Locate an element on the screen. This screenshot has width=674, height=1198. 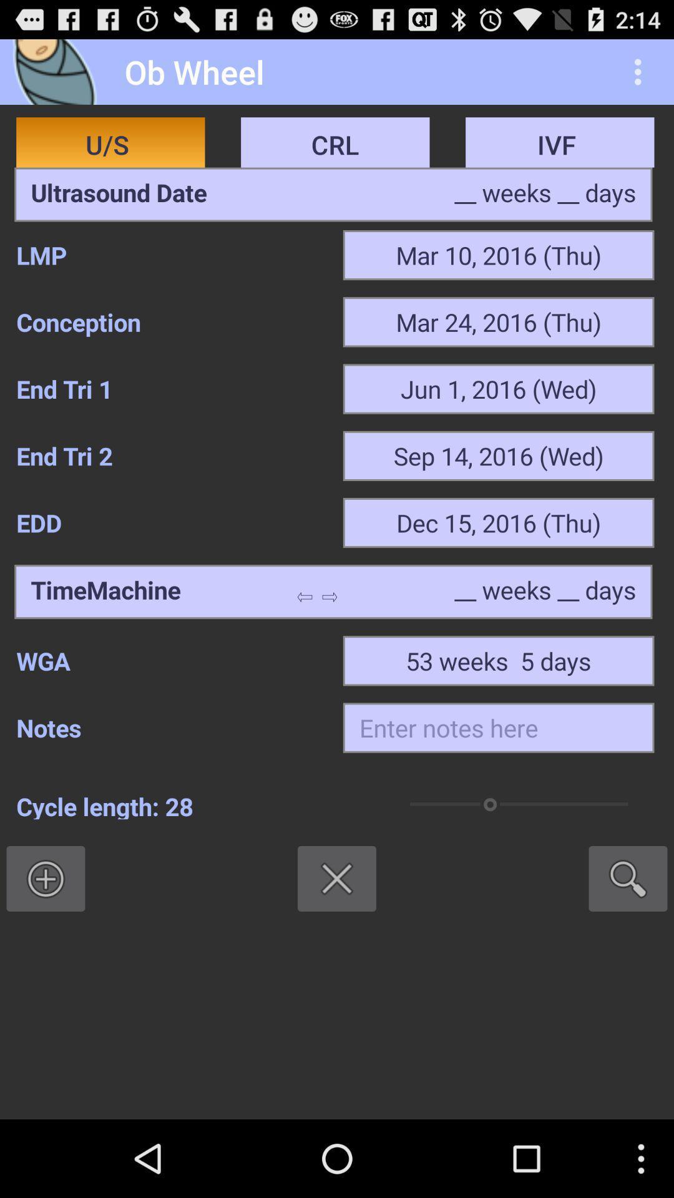
the search icon is located at coordinates (628, 940).